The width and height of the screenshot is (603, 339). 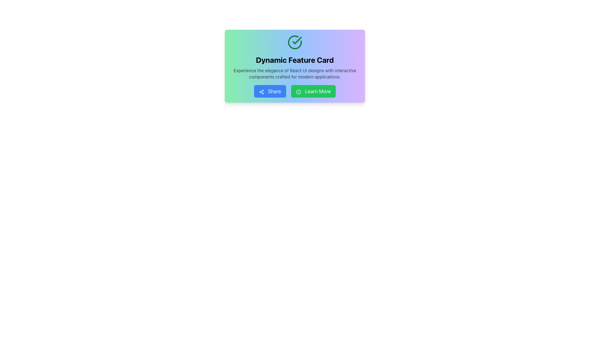 What do you see at coordinates (270, 91) in the screenshot?
I see `the 'Share' button with a vibrant blue background and white text located at the bottom center of the card` at bounding box center [270, 91].